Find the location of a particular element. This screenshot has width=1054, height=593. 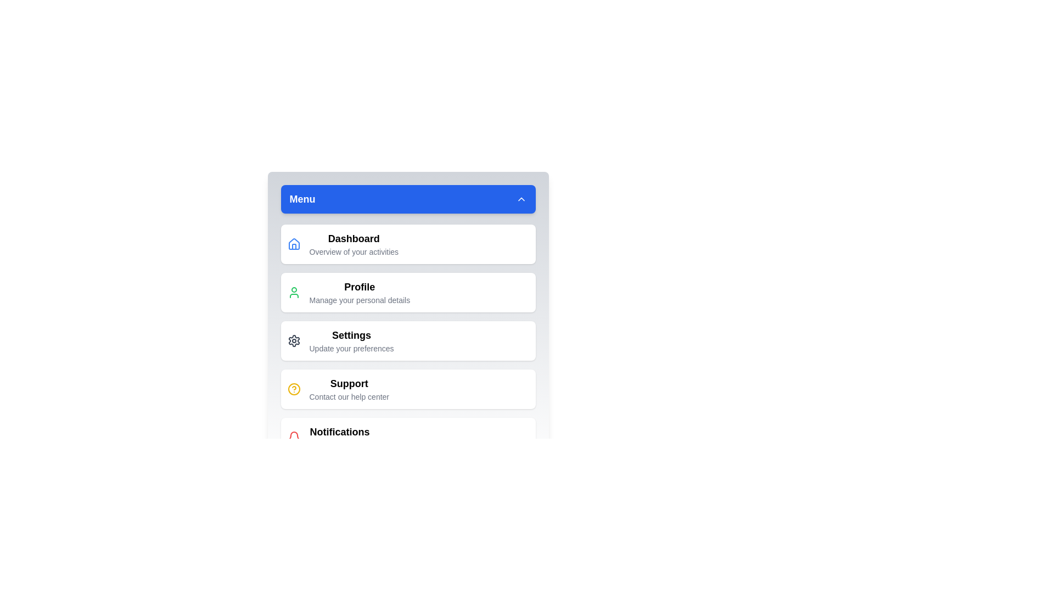

the gear icon located in the top-left corner of the 'Settings' tile as a visual cue is located at coordinates (294, 340).